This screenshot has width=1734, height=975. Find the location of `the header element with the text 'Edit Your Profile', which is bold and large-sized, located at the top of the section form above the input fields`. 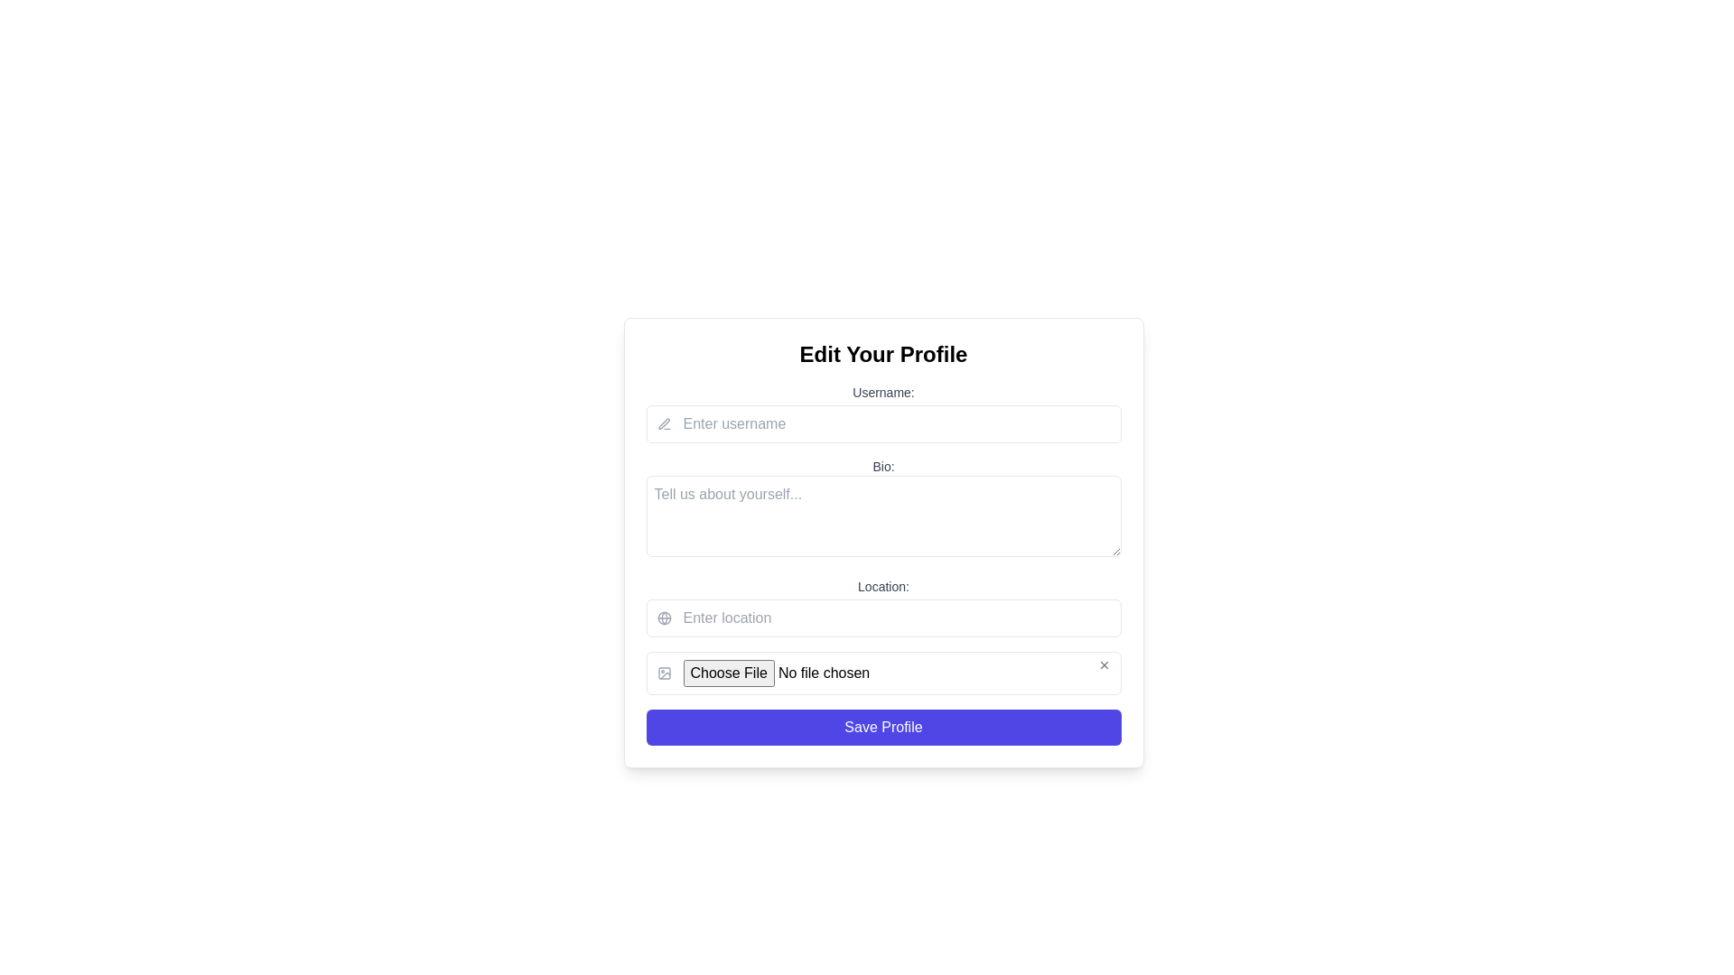

the header element with the text 'Edit Your Profile', which is bold and large-sized, located at the top of the section form above the input fields is located at coordinates (883, 355).